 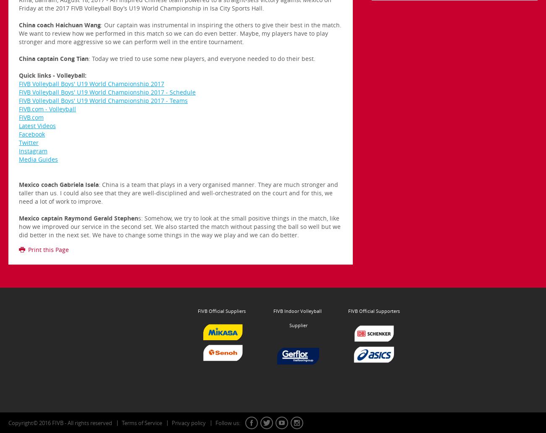 What do you see at coordinates (18, 75) in the screenshot?
I see `'Quick links - Volleyball:'` at bounding box center [18, 75].